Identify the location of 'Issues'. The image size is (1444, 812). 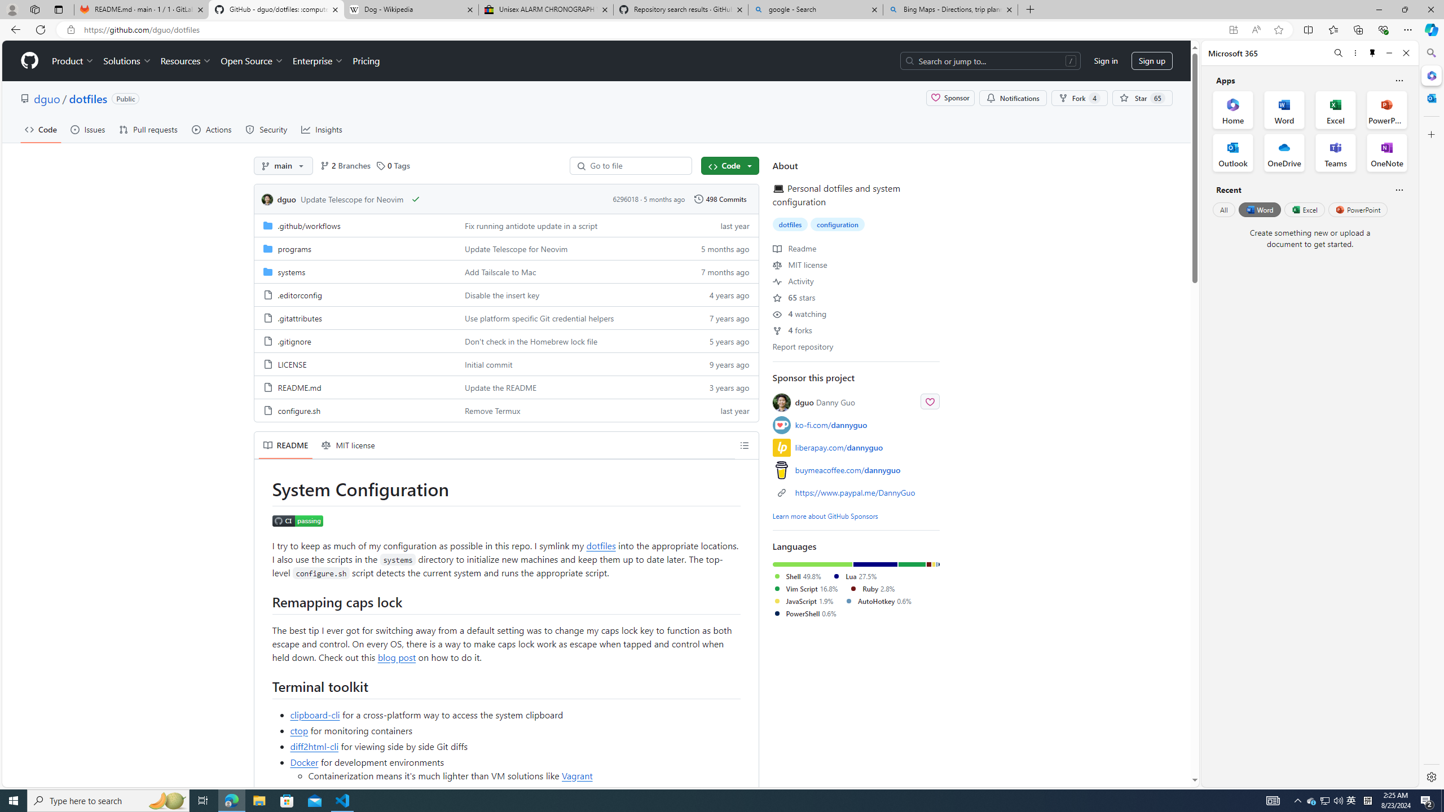
(87, 129).